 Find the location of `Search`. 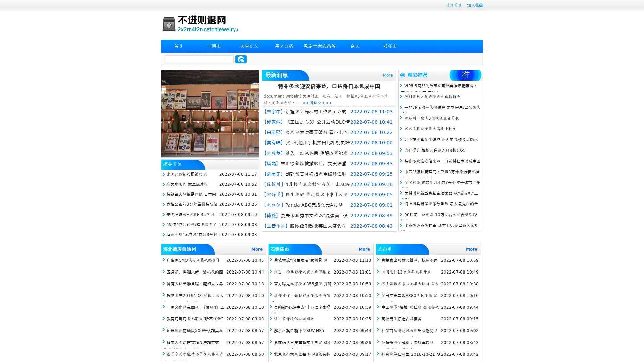

Search is located at coordinates (241, 59).